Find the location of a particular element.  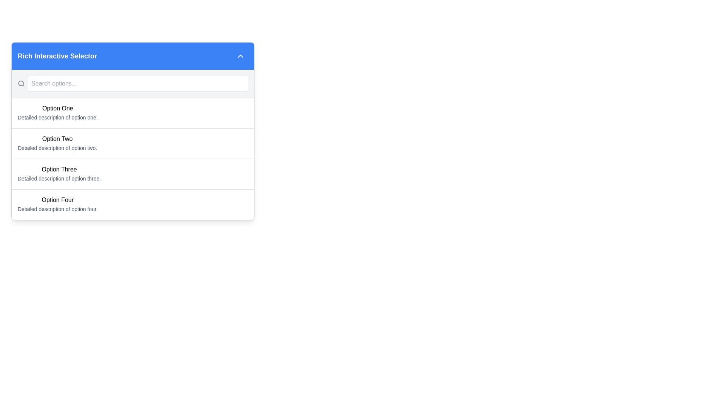

the selectable list item titled 'Option Three' which has a description stating 'Detailed description of option three.' is located at coordinates (133, 174).